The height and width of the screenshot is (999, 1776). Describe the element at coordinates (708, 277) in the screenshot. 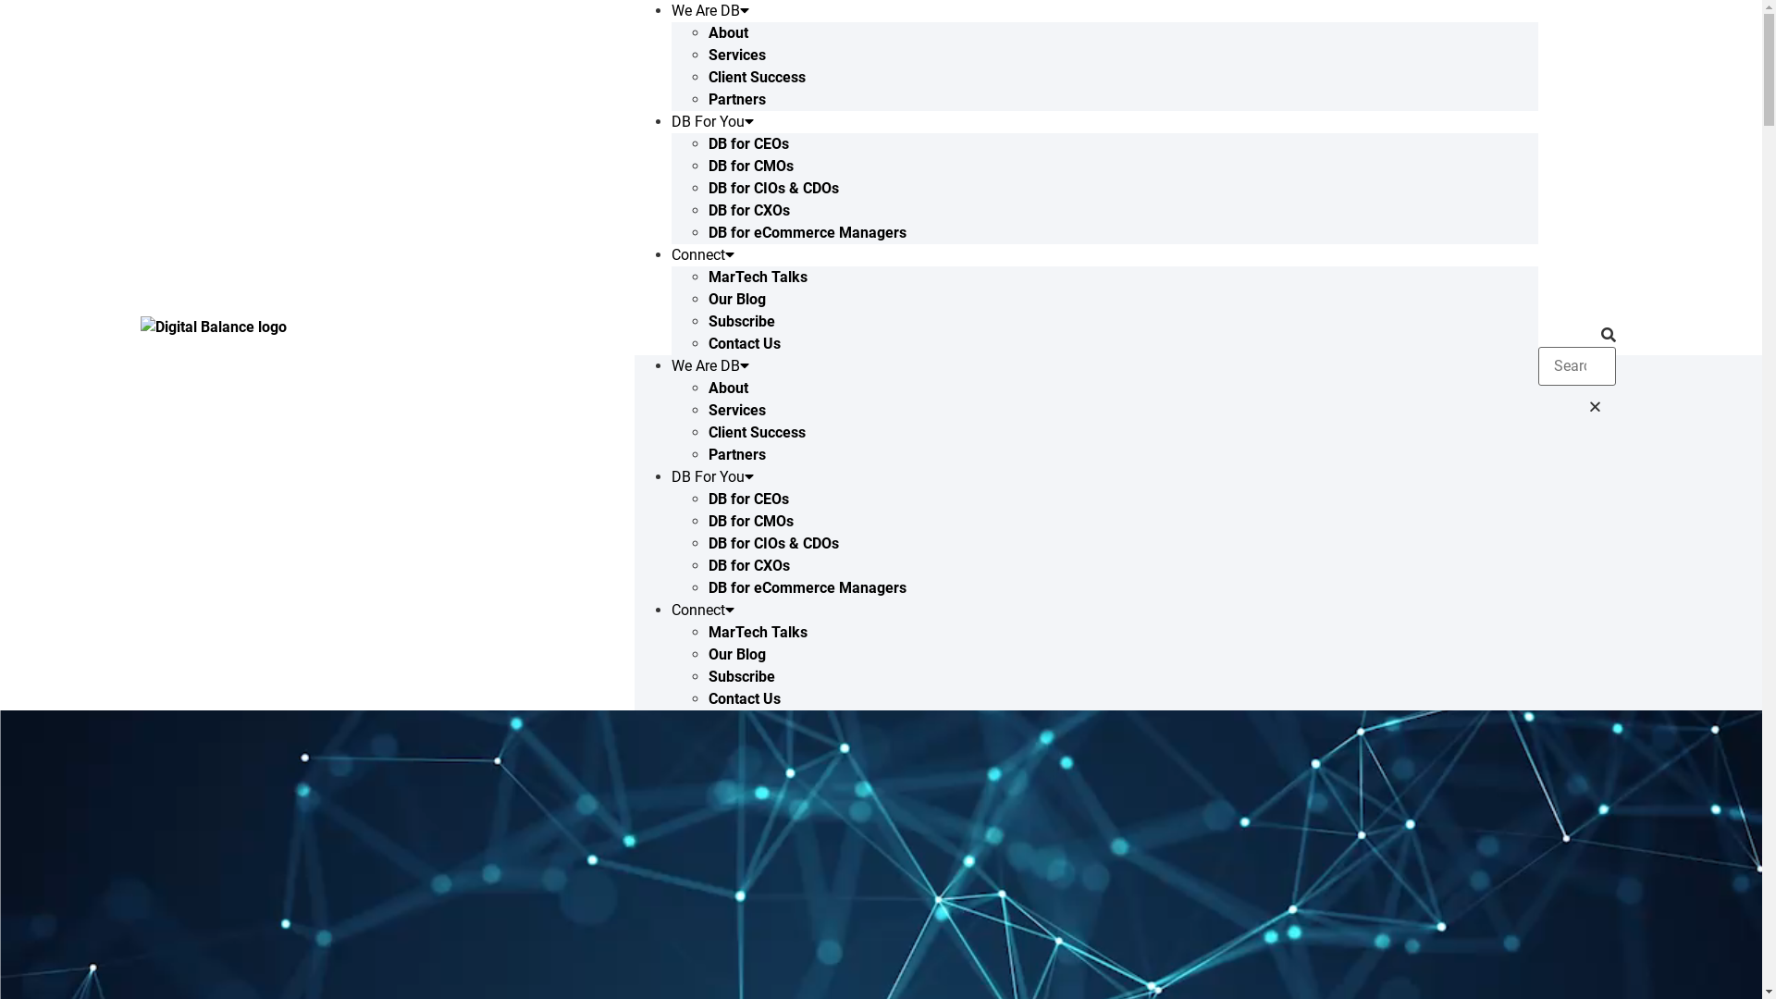

I see `'MarTech Talks'` at that location.